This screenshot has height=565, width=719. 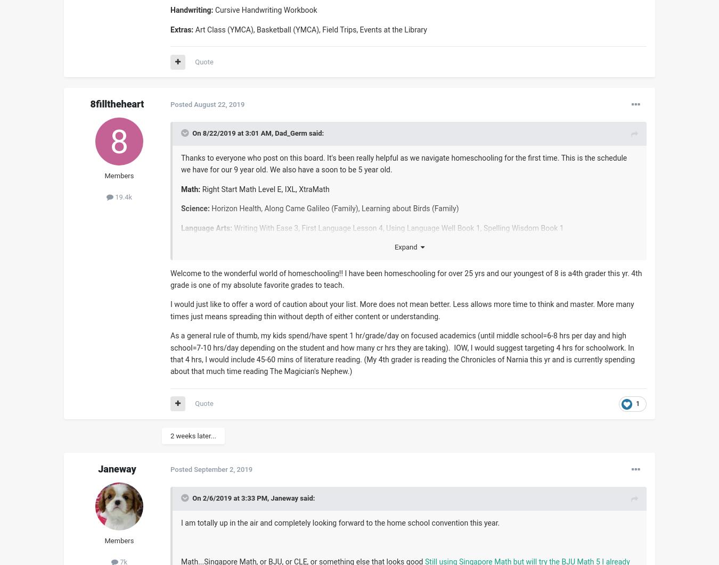 I want to click on 'Reading:', so click(x=195, y=246).